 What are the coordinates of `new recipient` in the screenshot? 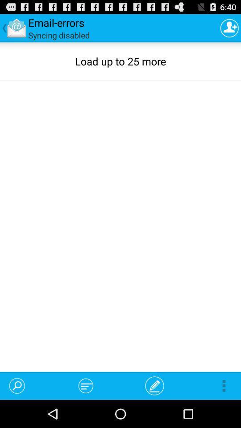 It's located at (229, 28).